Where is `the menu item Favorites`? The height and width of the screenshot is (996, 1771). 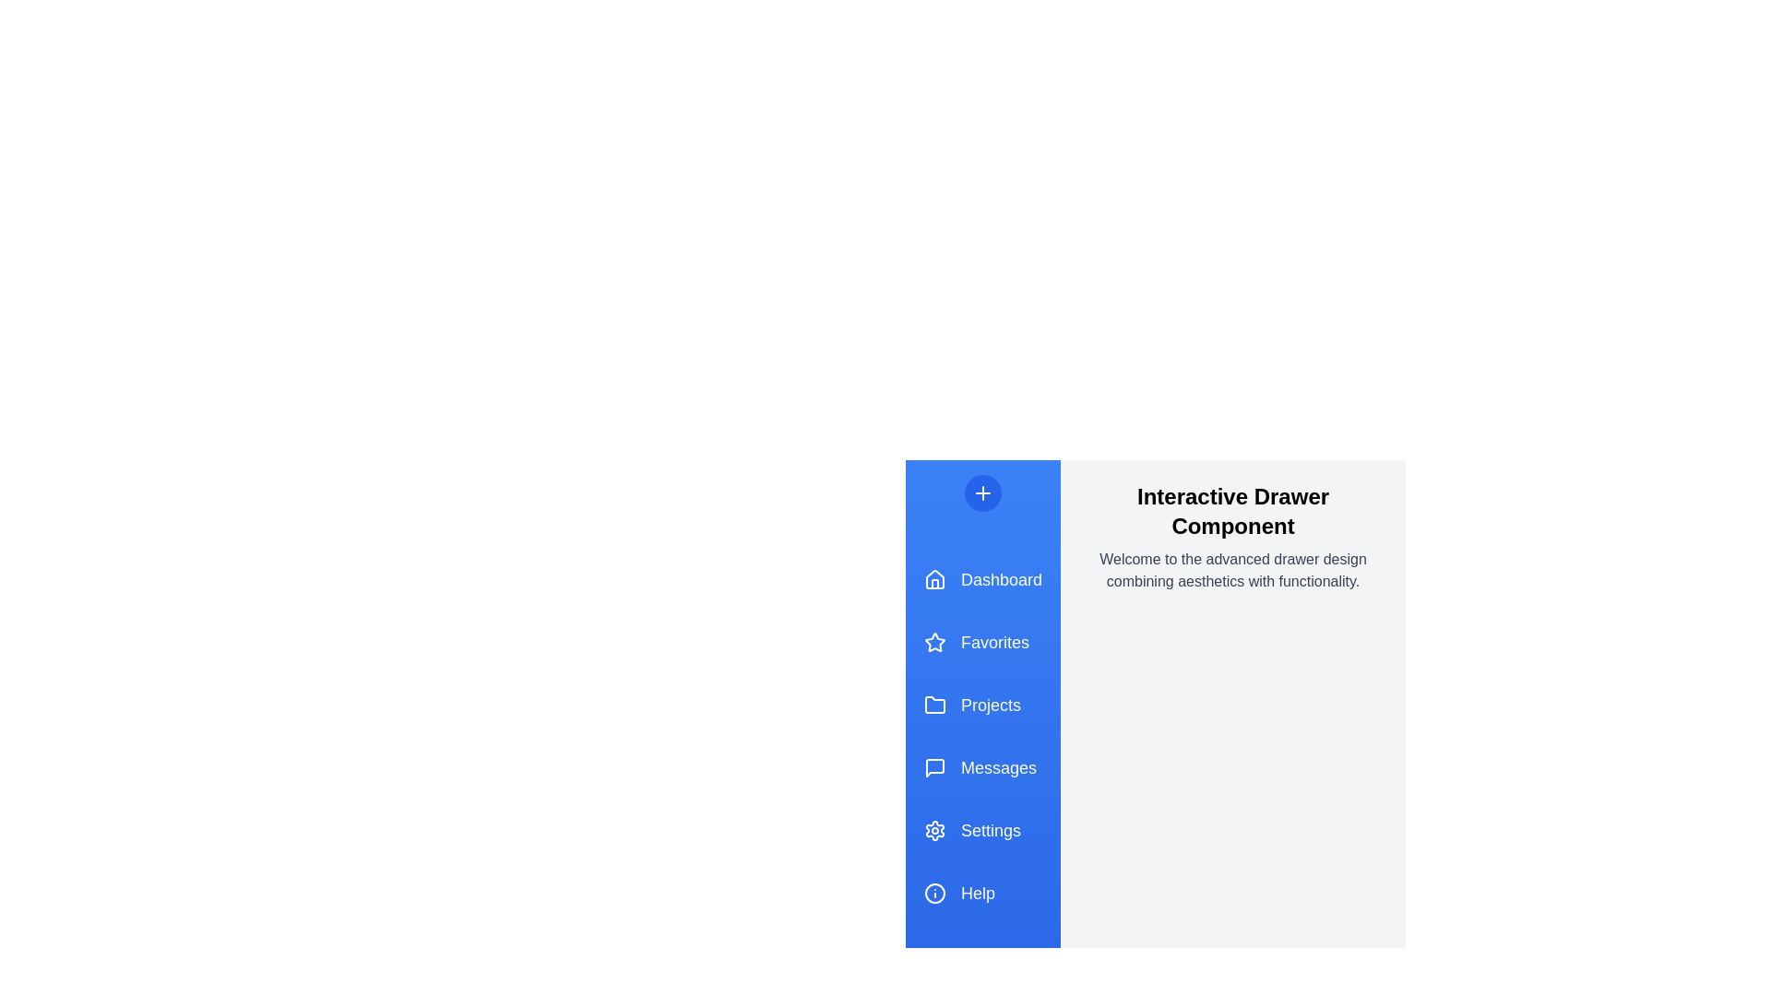
the menu item Favorites is located at coordinates (981, 642).